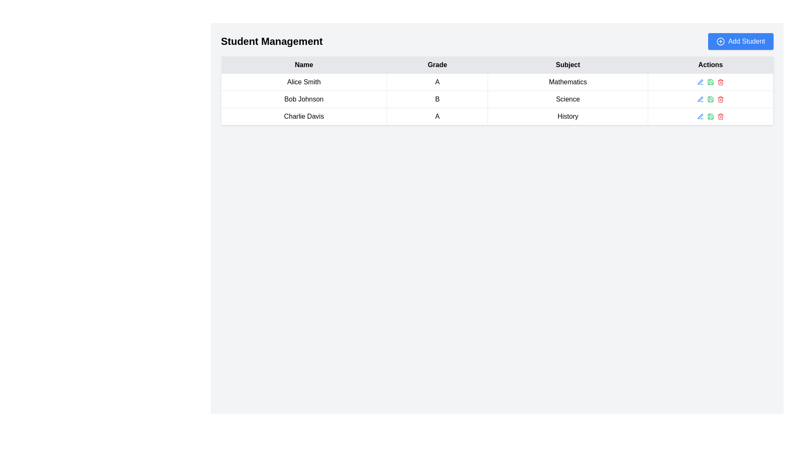 This screenshot has width=805, height=453. What do you see at coordinates (710, 116) in the screenshot?
I see `the save icon located in the upper left region adjacent to the delete and edit icons within the row associated with Charlie Davis to initiate the saving action` at bounding box center [710, 116].